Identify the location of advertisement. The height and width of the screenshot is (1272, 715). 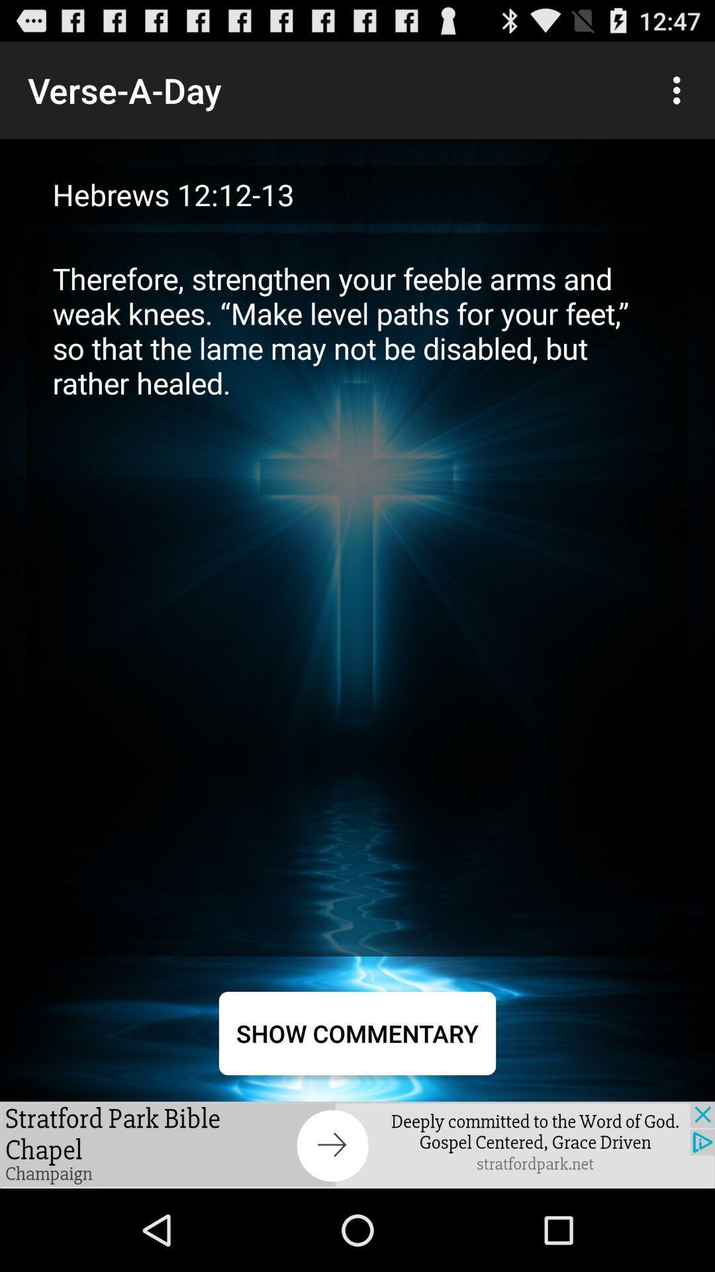
(358, 1144).